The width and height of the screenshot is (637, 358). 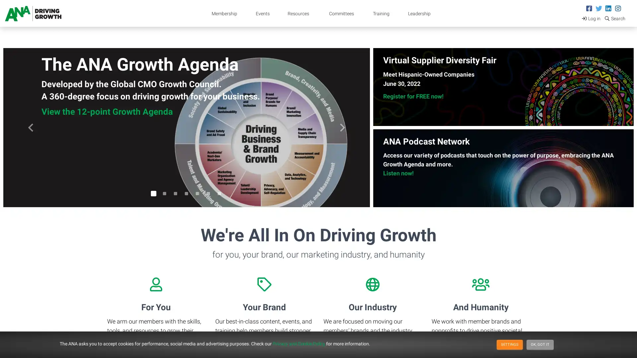 What do you see at coordinates (30, 128) in the screenshot?
I see `keyboard_arrow_left Previous` at bounding box center [30, 128].